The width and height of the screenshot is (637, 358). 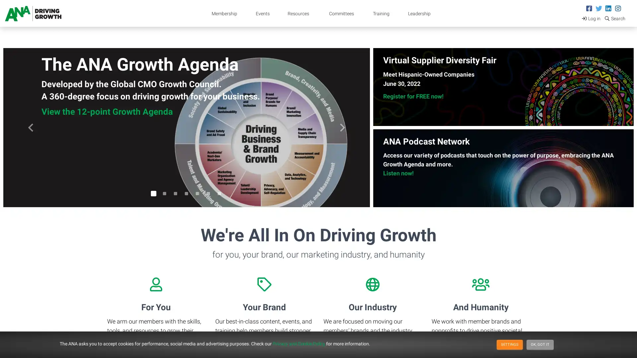 What do you see at coordinates (30, 128) in the screenshot?
I see `keyboard_arrow_left Previous` at bounding box center [30, 128].